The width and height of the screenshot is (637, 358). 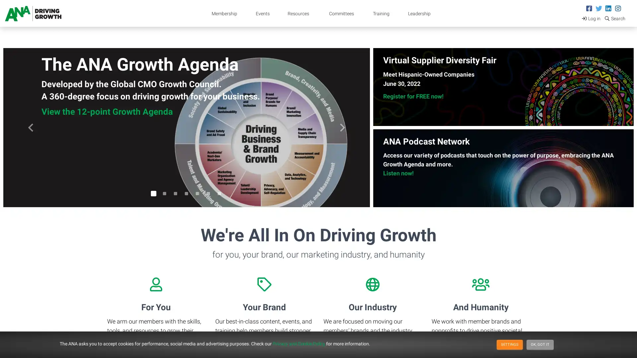 What do you see at coordinates (30, 128) in the screenshot?
I see `keyboard_arrow_left Previous` at bounding box center [30, 128].